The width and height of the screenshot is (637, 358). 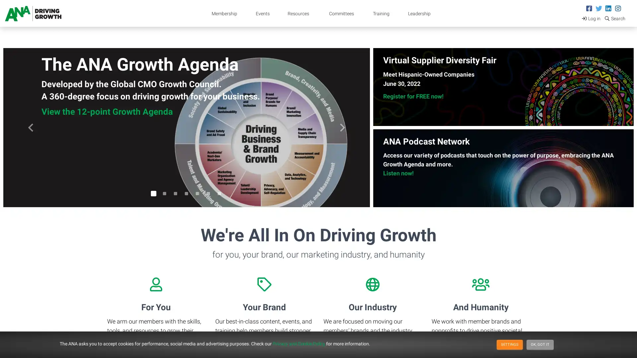 What do you see at coordinates (30, 128) in the screenshot?
I see `keyboard_arrow_left Previous` at bounding box center [30, 128].